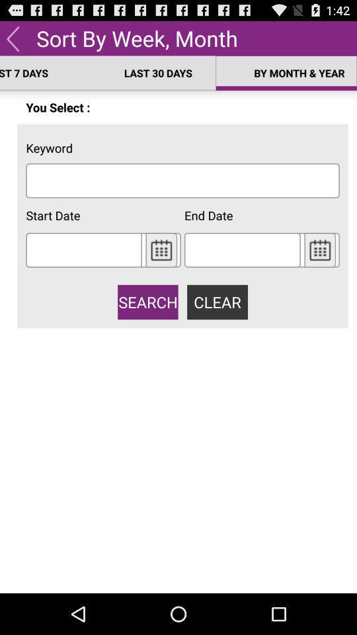  I want to click on the item above last 7 days item, so click(12, 37).